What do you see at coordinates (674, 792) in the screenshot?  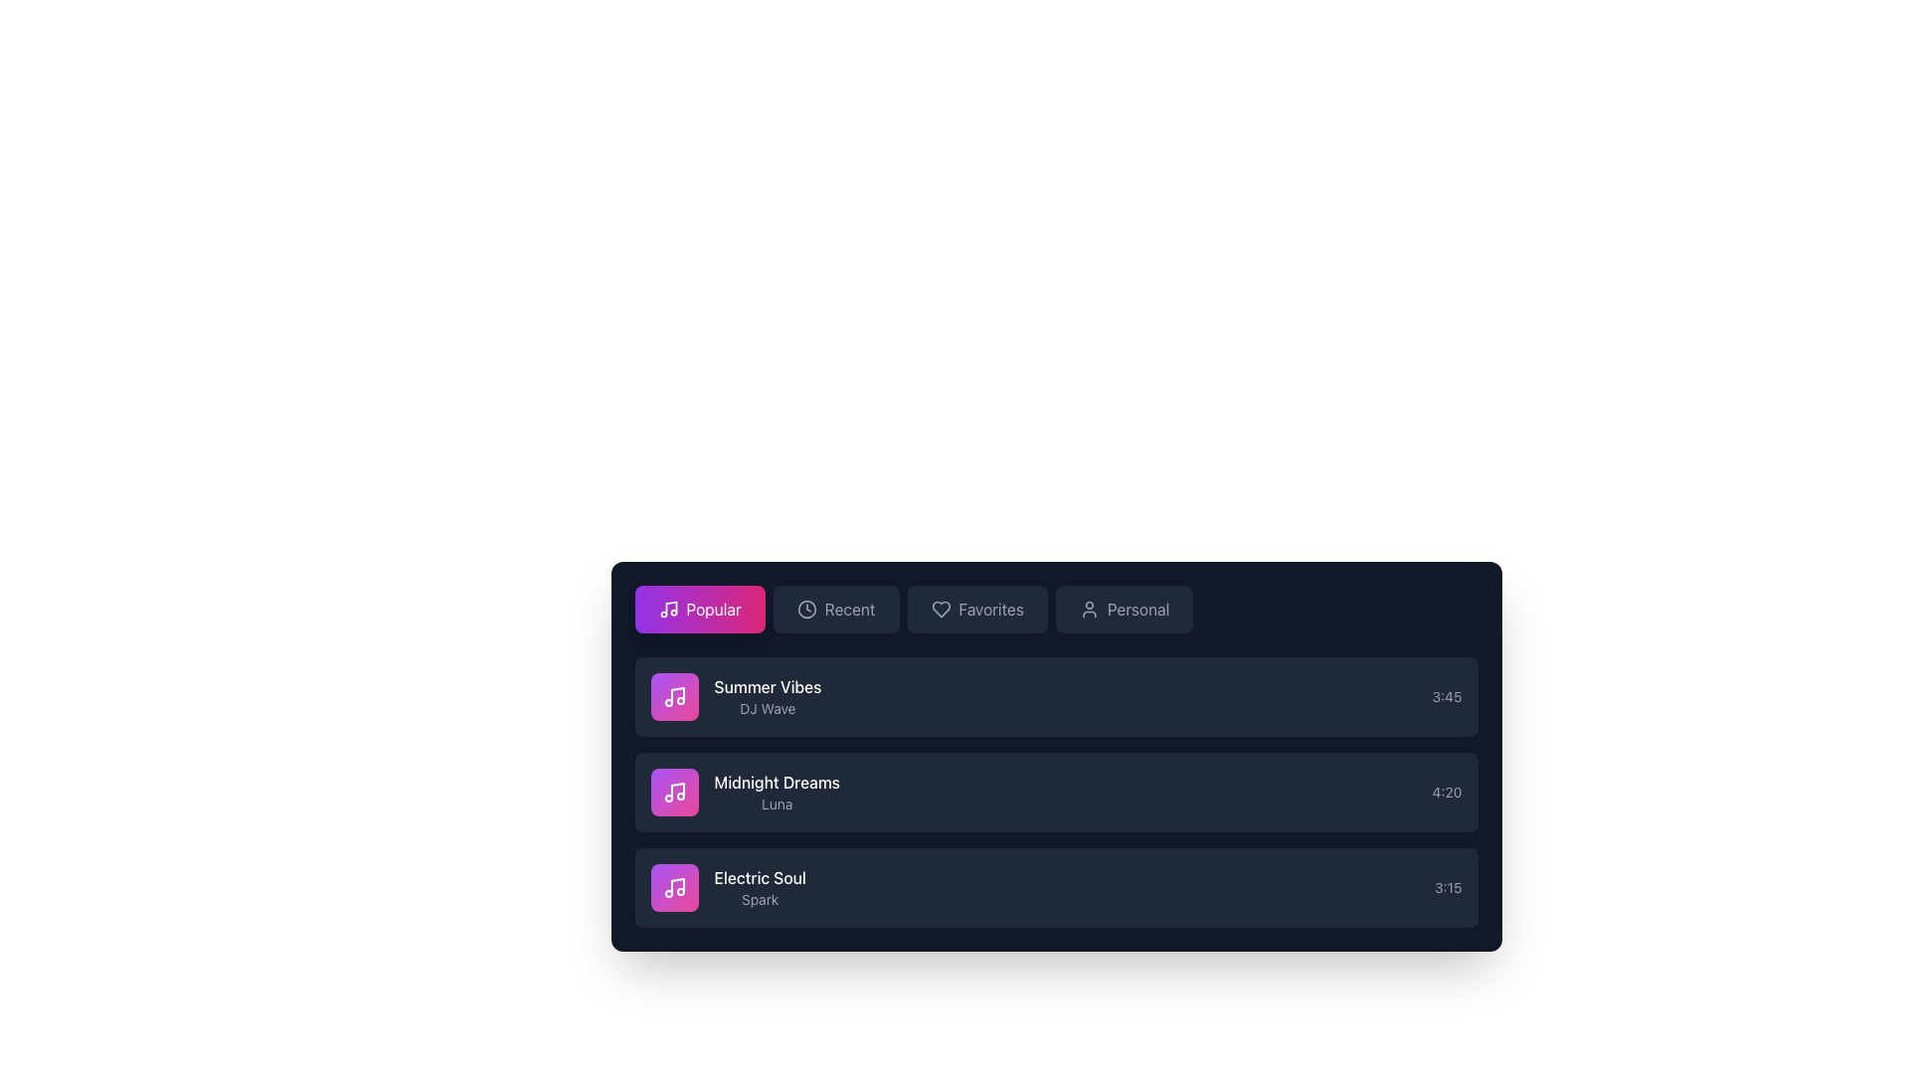 I see `the music-related button with a gradient background and a white music note icon to interact with the music track` at bounding box center [674, 792].